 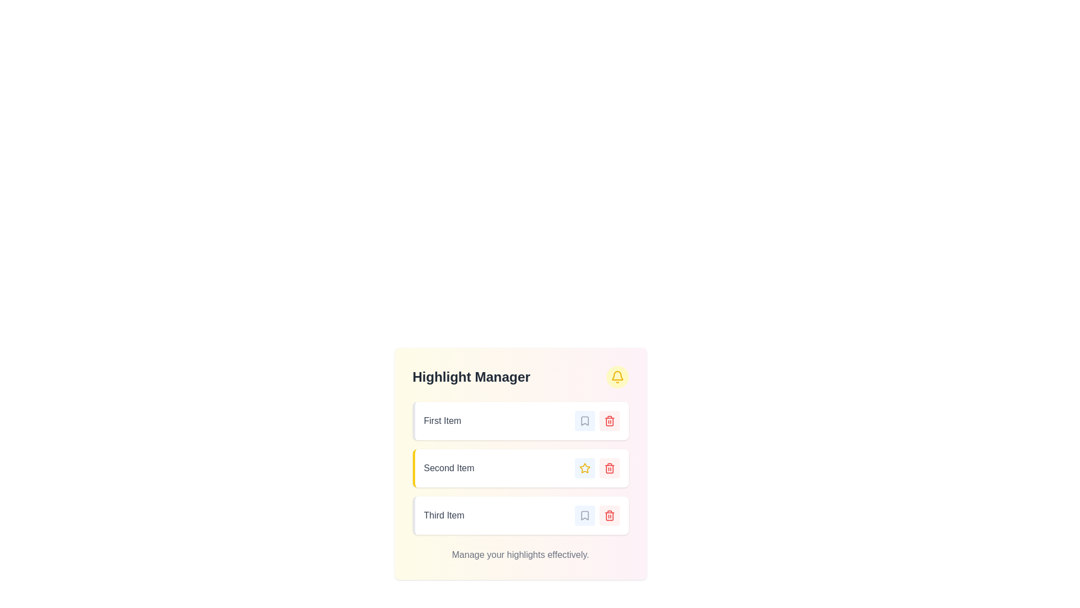 What do you see at coordinates (443, 515) in the screenshot?
I see `the text label displaying 'Third Item', which identifies the associated card in the user interface` at bounding box center [443, 515].